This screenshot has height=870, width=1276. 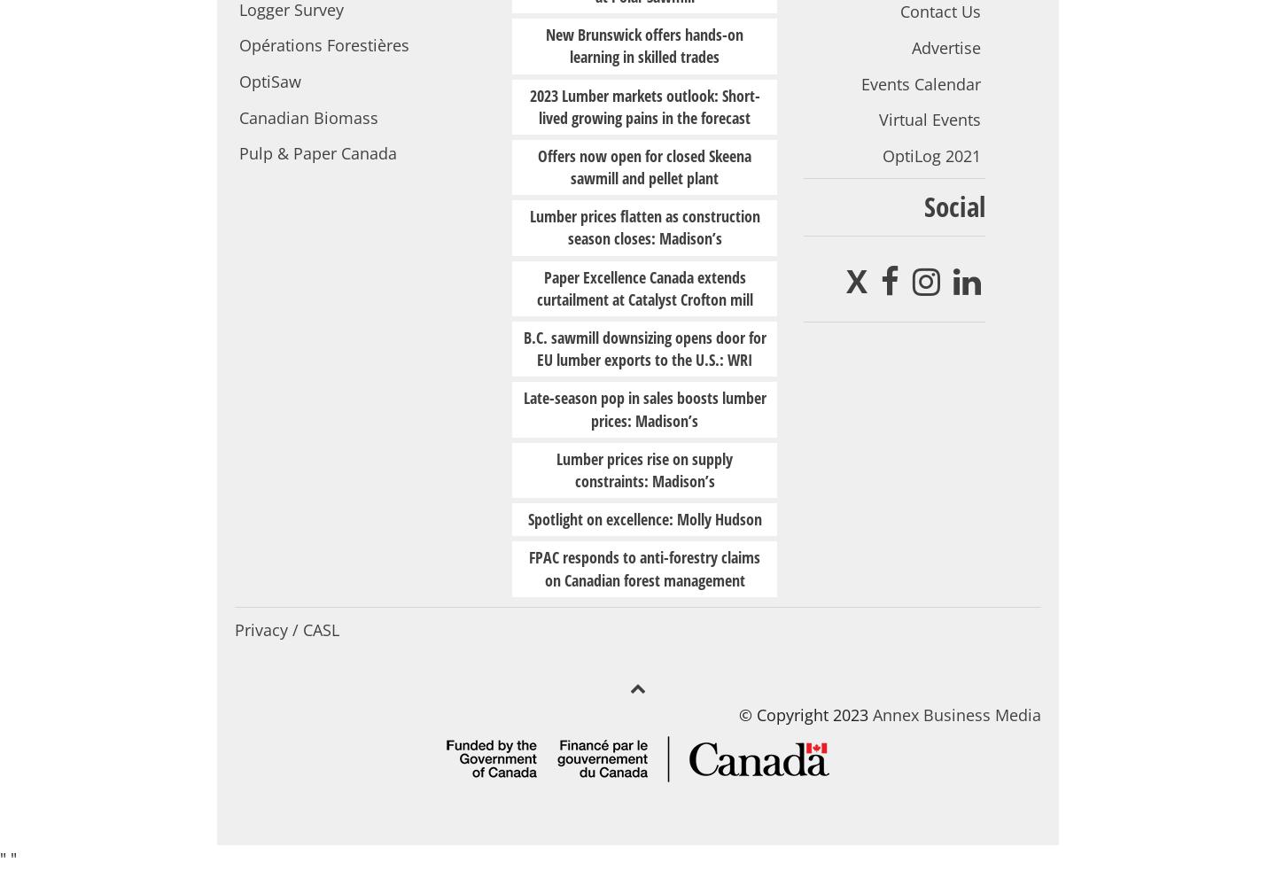 What do you see at coordinates (954, 206) in the screenshot?
I see `'Social'` at bounding box center [954, 206].